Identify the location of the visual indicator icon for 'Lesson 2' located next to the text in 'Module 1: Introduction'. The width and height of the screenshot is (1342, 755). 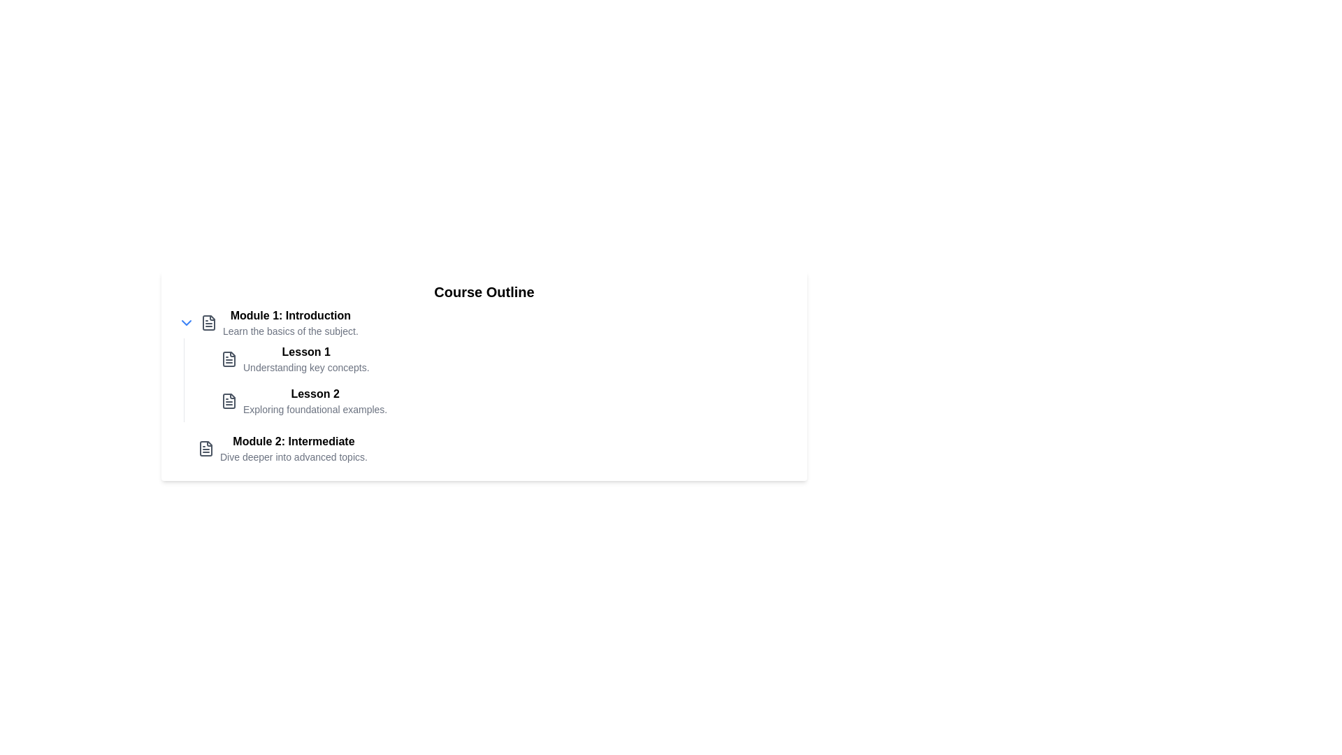
(229, 401).